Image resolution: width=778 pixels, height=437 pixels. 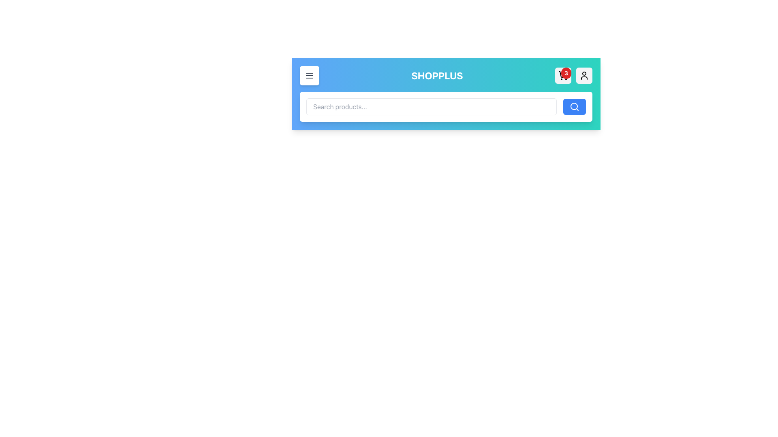 I want to click on the shopping cart icon button located at the top-right corner of the interface, so click(x=562, y=75).